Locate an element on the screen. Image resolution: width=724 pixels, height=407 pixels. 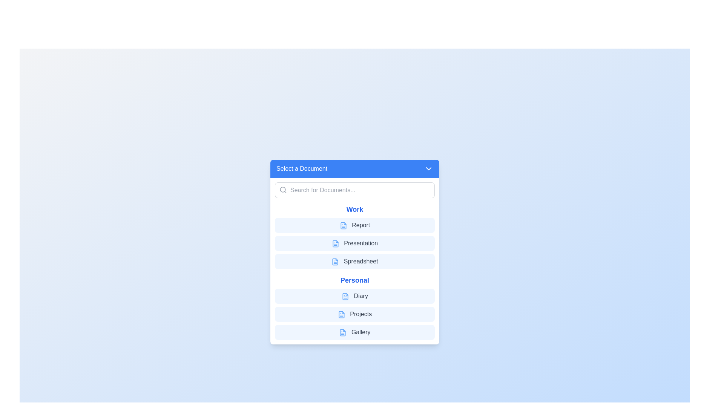
the chevron toggle icon on the far right of the 'Select a Document' header is located at coordinates (429, 168).